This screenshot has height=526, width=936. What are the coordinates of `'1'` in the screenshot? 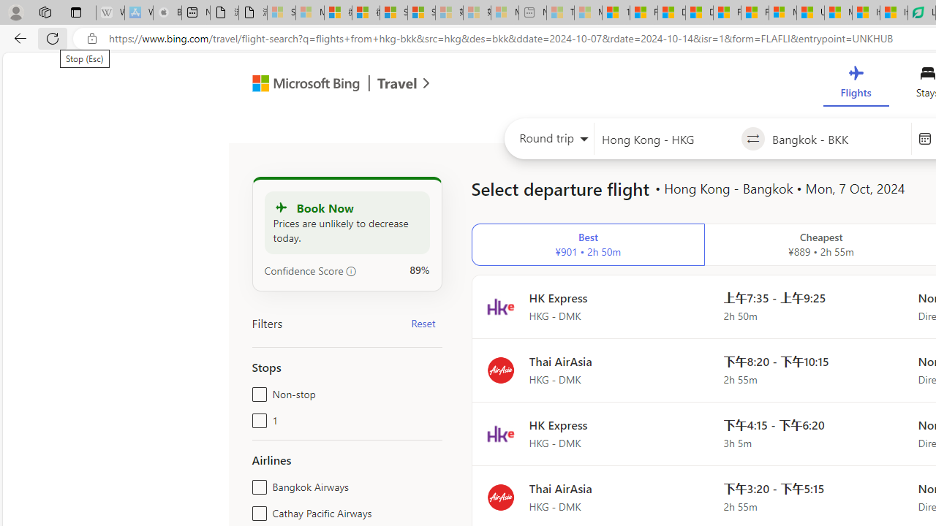 It's located at (257, 418).